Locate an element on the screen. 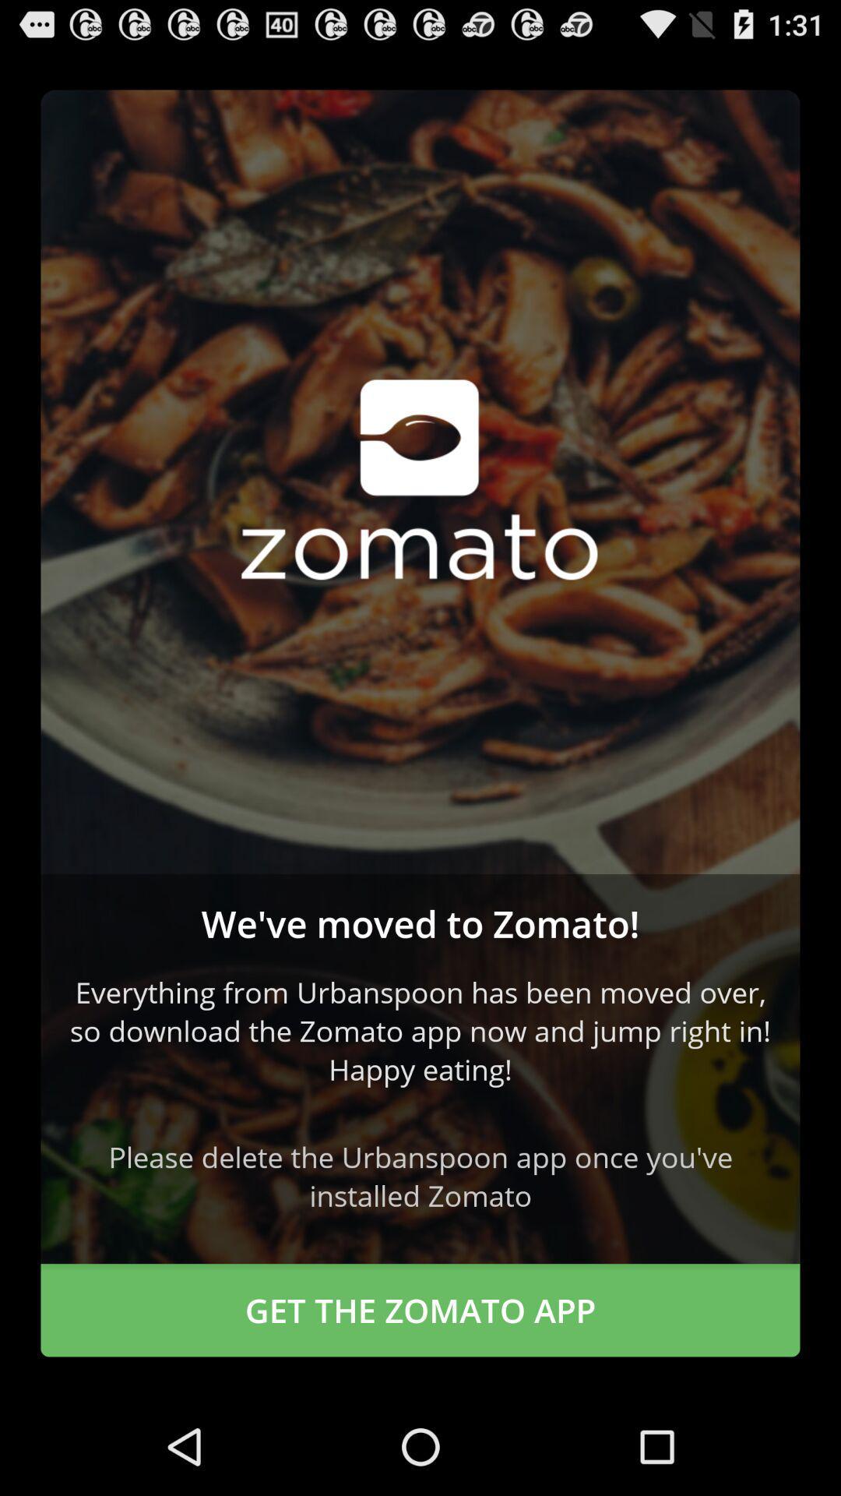 The image size is (841, 1496). the item at the top is located at coordinates (420, 481).